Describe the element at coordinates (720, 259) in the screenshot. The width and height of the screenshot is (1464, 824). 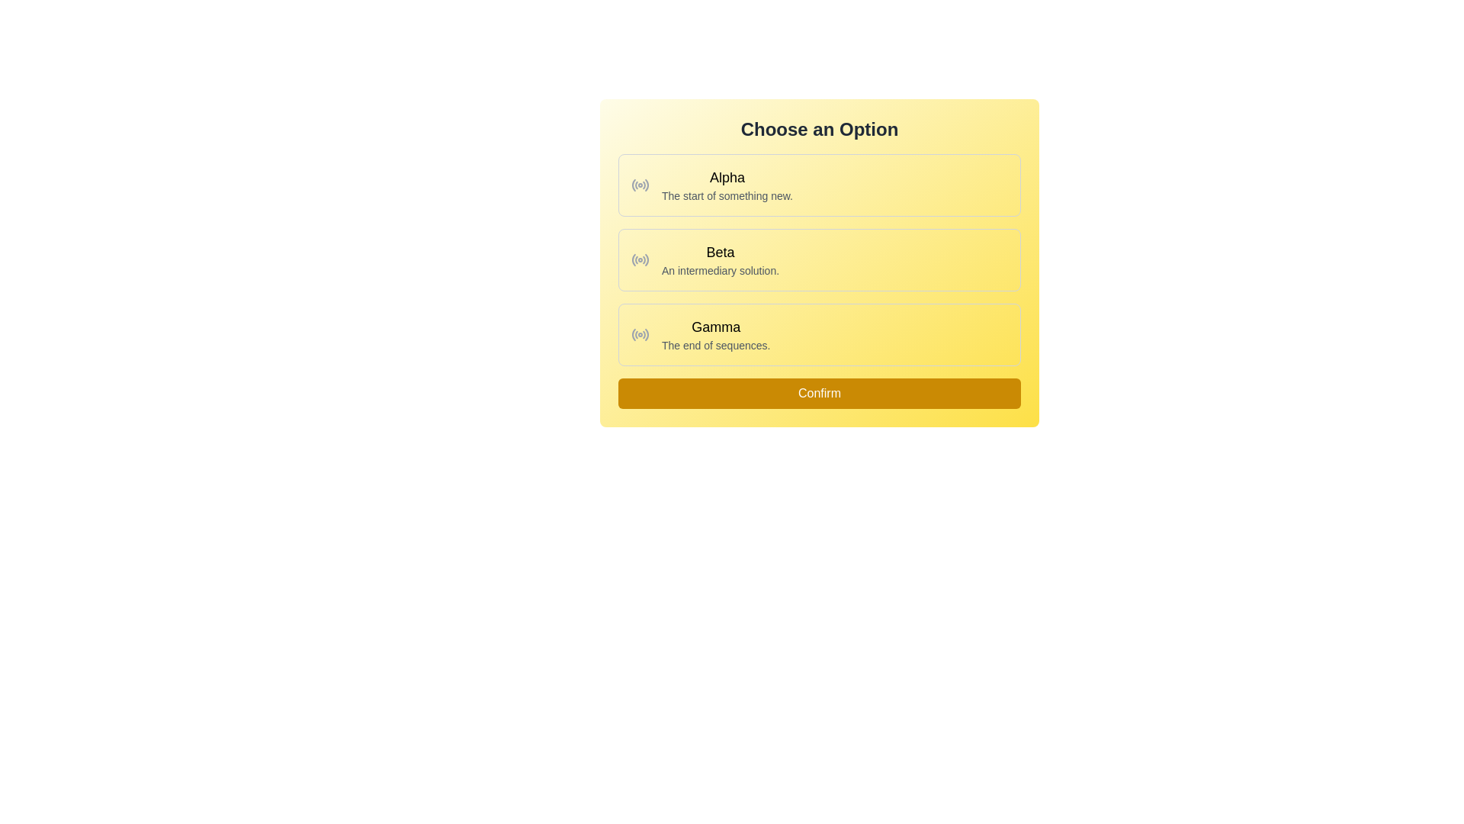
I see `the 'Beta' text label paired option, which features a bold title 'Beta' and a subtitle 'An intermediary solution.' on a yellow background, located in the middle of a vertical stack of options` at that location.